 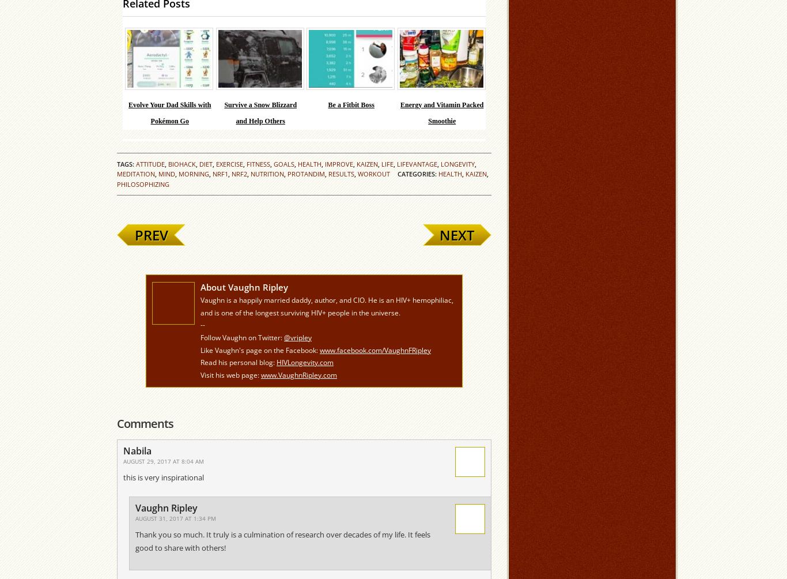 What do you see at coordinates (260, 374) in the screenshot?
I see `'www.VaughnRipley.com'` at bounding box center [260, 374].